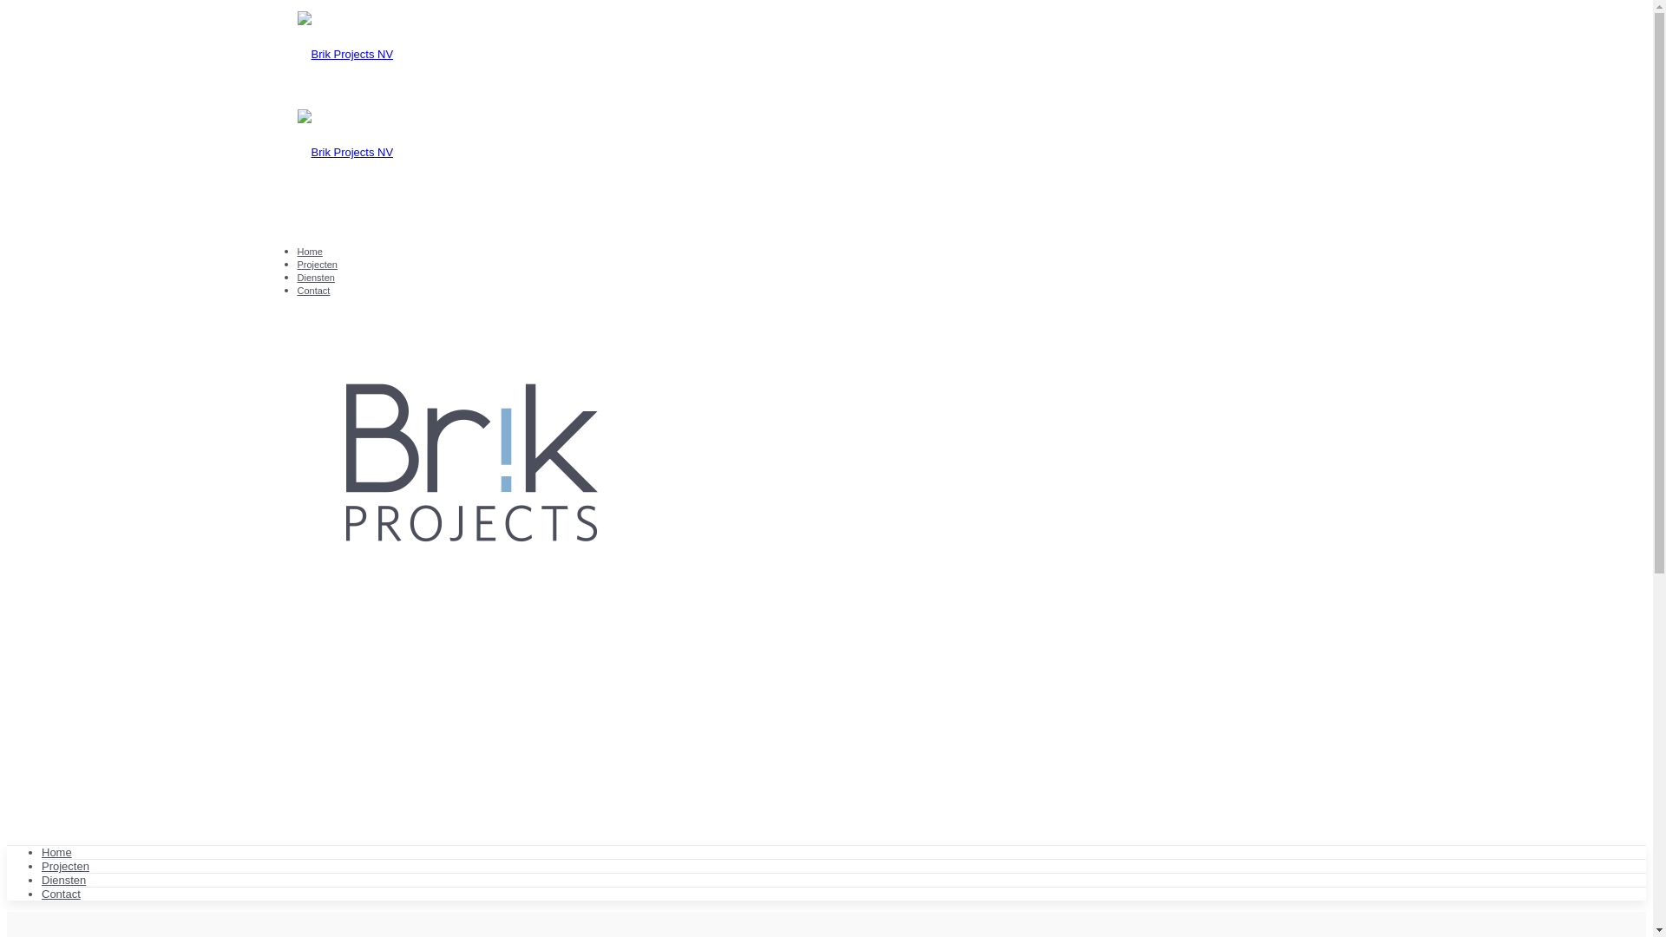  I want to click on 'Projecten', so click(65, 866).